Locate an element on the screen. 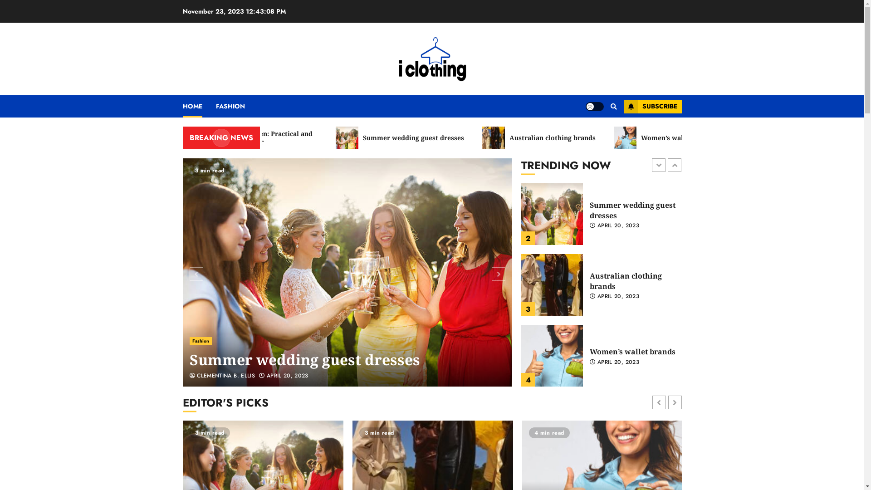 The width and height of the screenshot is (871, 490). 'Summer wedding guest dresses' is located at coordinates (521, 284).